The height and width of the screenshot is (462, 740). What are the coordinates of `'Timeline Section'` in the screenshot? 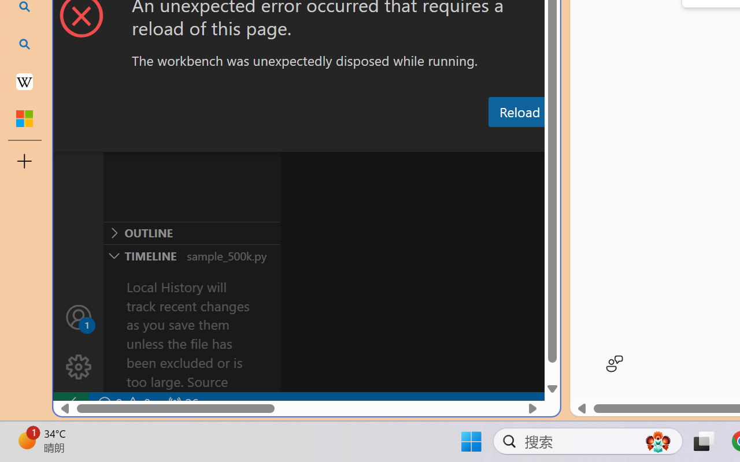 It's located at (191, 255).